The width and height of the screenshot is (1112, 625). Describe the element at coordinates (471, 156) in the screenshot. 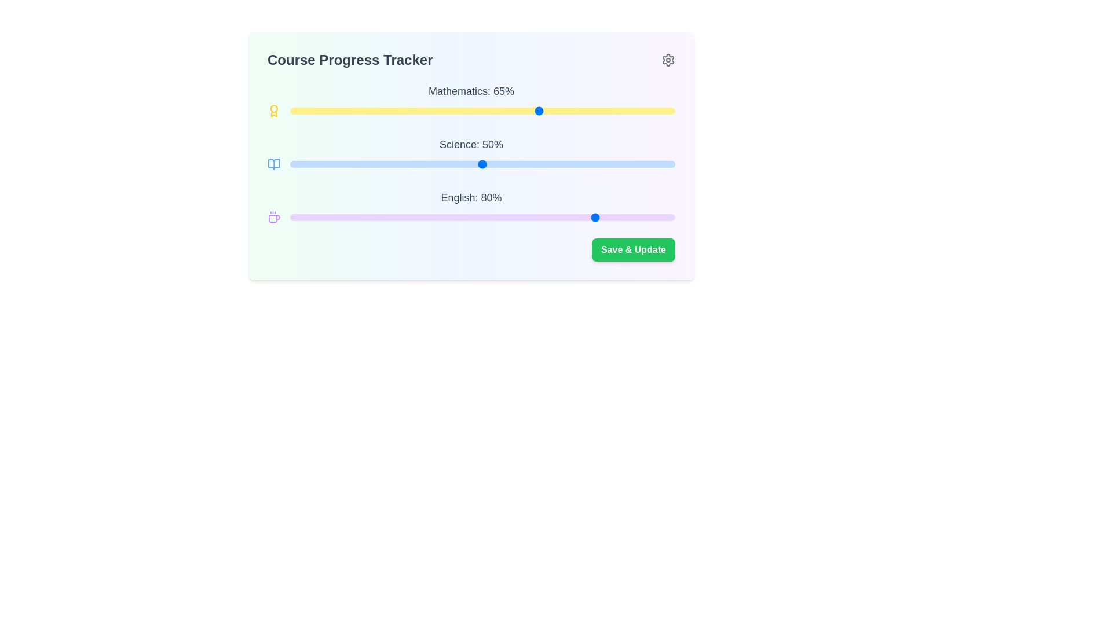

I see `the marker of the Science progress tracker, which is represented by a blue horizontal bar indicating 50%, located centrally in the list of courses` at that location.